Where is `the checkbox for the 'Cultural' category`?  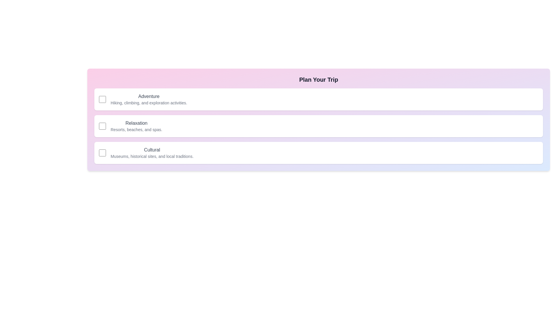
the checkbox for the 'Cultural' category is located at coordinates (102, 152).